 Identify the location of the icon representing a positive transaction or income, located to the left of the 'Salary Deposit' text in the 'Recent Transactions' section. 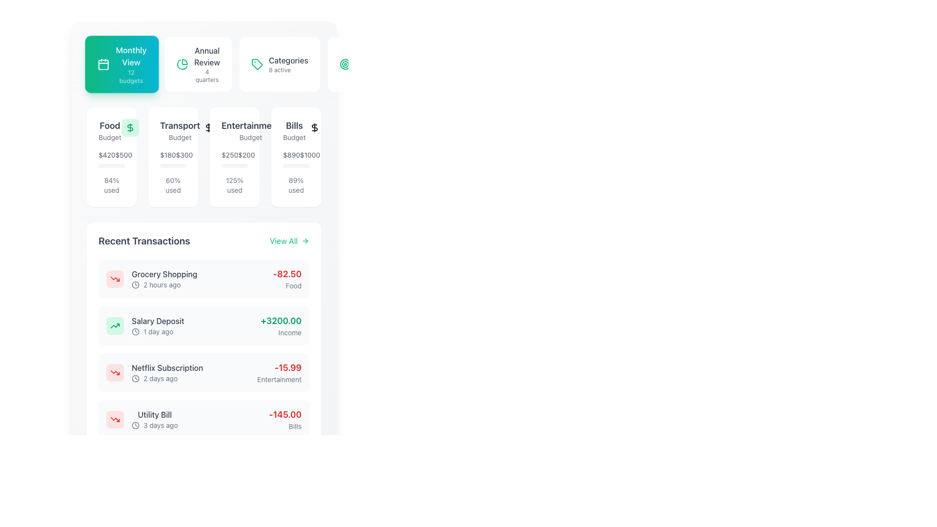
(115, 325).